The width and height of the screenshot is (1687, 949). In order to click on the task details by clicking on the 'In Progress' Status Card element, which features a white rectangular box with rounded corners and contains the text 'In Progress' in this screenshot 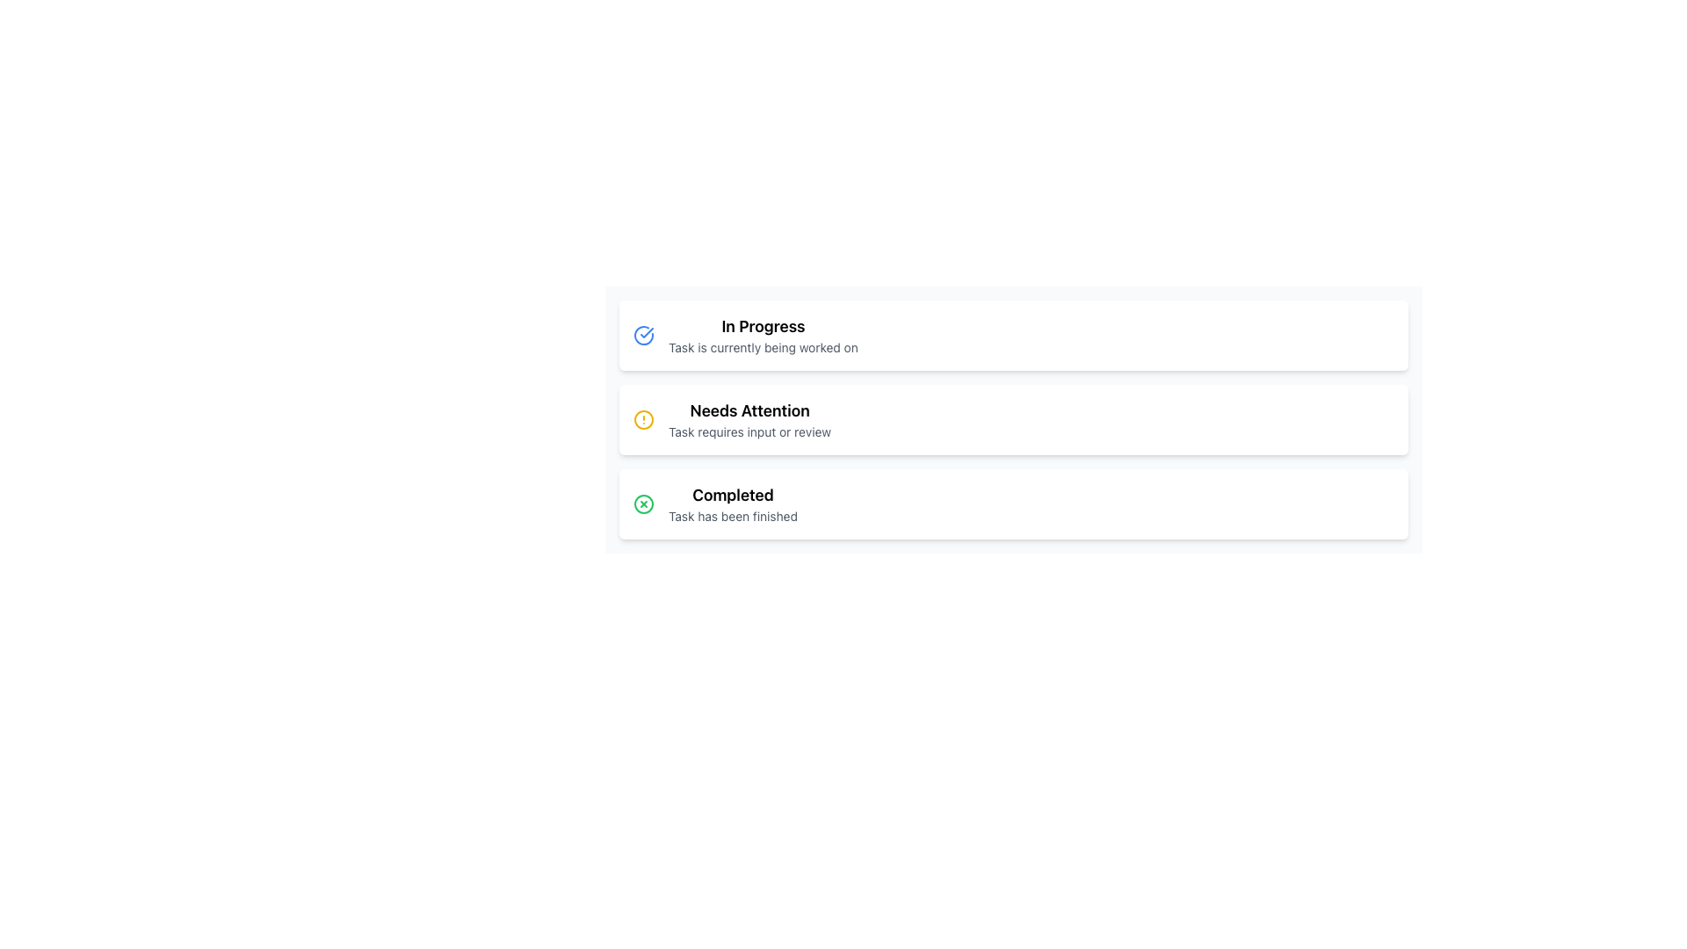, I will do `click(1013, 335)`.